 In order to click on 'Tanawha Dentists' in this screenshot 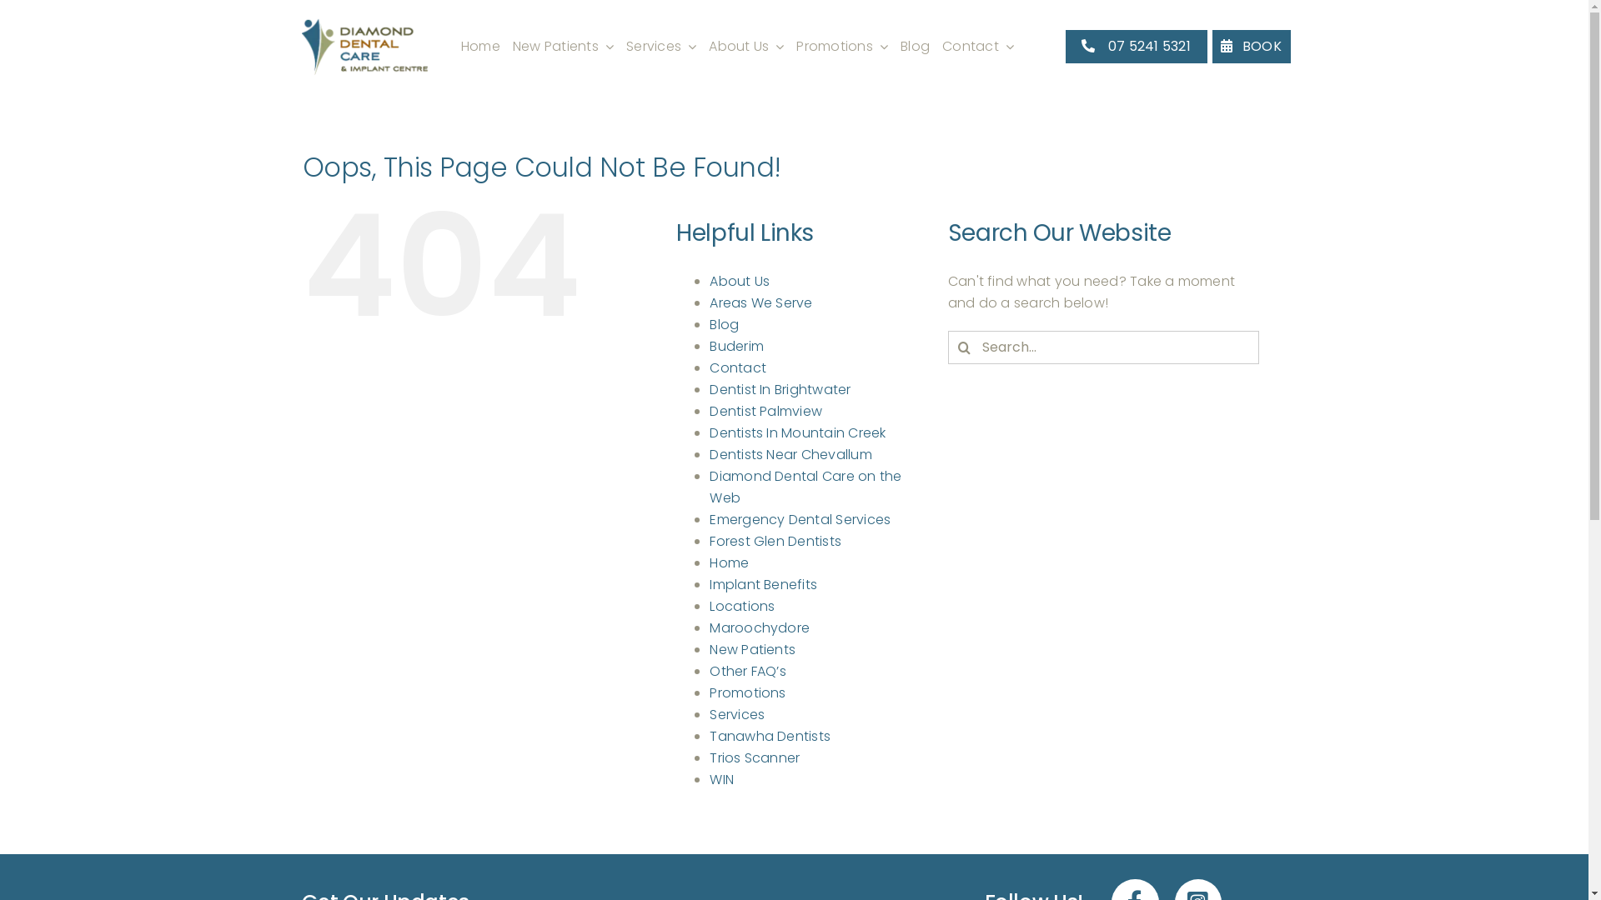, I will do `click(709, 735)`.